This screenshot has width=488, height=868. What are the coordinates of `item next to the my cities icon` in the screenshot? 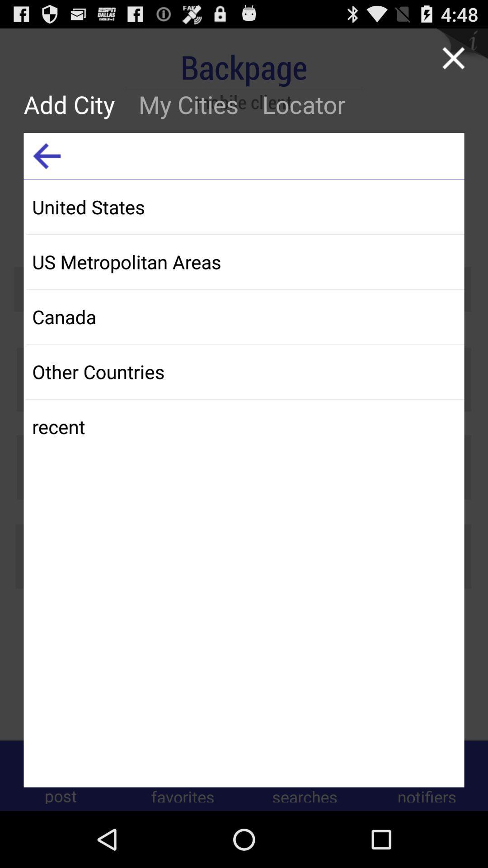 It's located at (304, 104).